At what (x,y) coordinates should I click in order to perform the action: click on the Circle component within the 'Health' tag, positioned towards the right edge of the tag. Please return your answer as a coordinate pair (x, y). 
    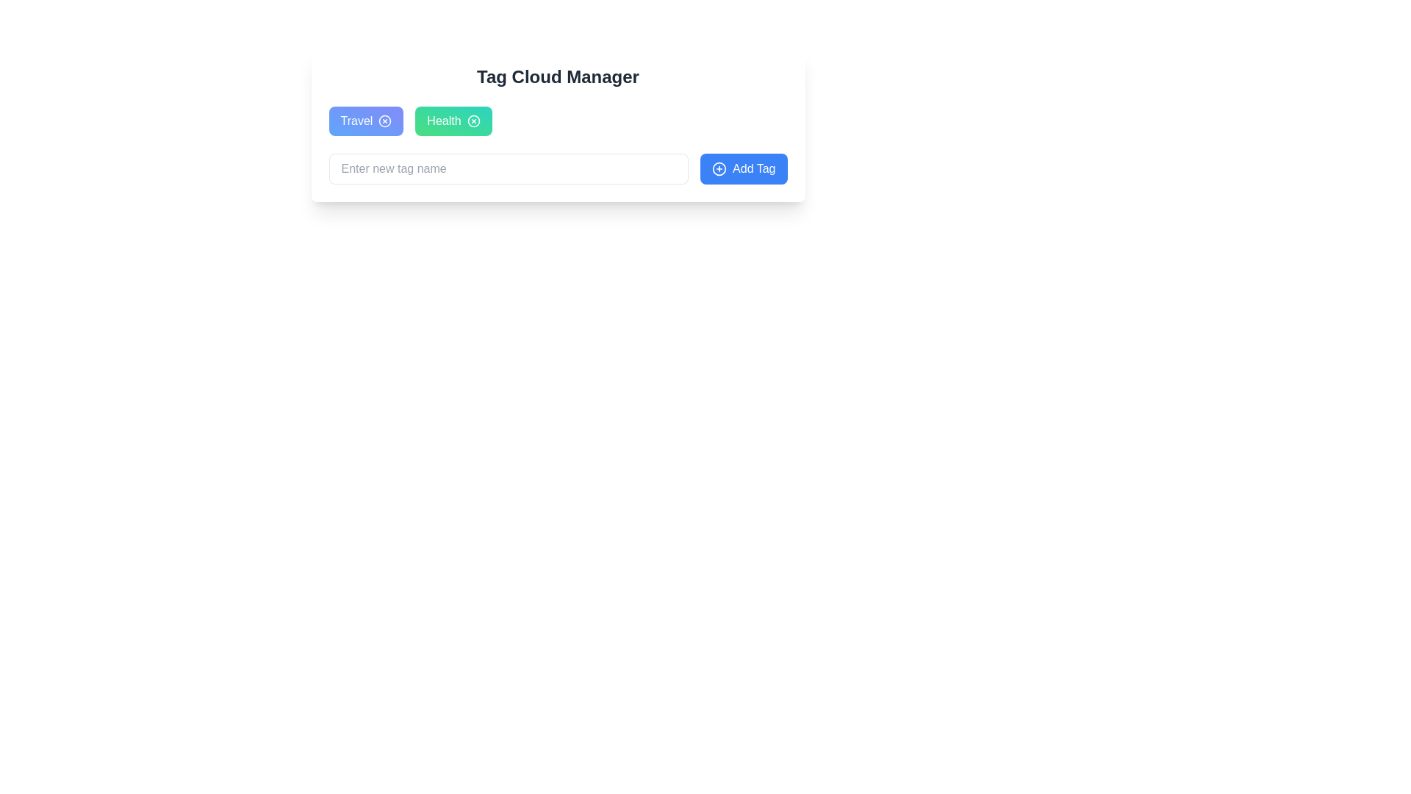
    Looking at the image, I should click on (473, 121).